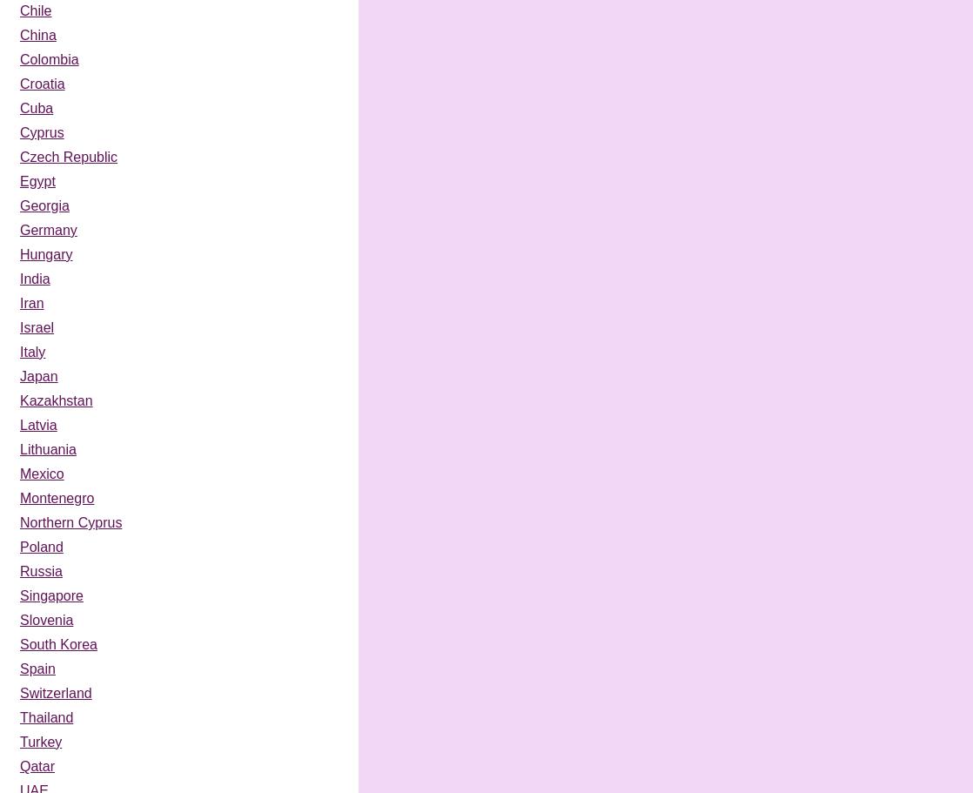 This screenshot has height=793, width=973. Describe the element at coordinates (40, 742) in the screenshot. I see `'Turkey'` at that location.